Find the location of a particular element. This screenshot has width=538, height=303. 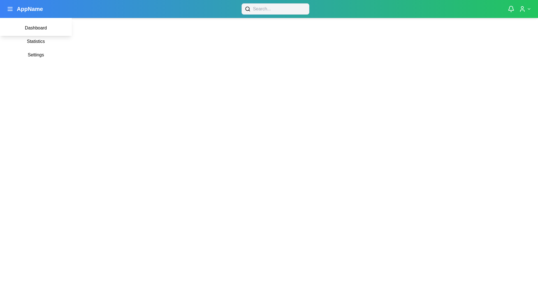

the white bell-shaped vector graphic notification icon located in the top-right corner of the application bar is located at coordinates (511, 8).